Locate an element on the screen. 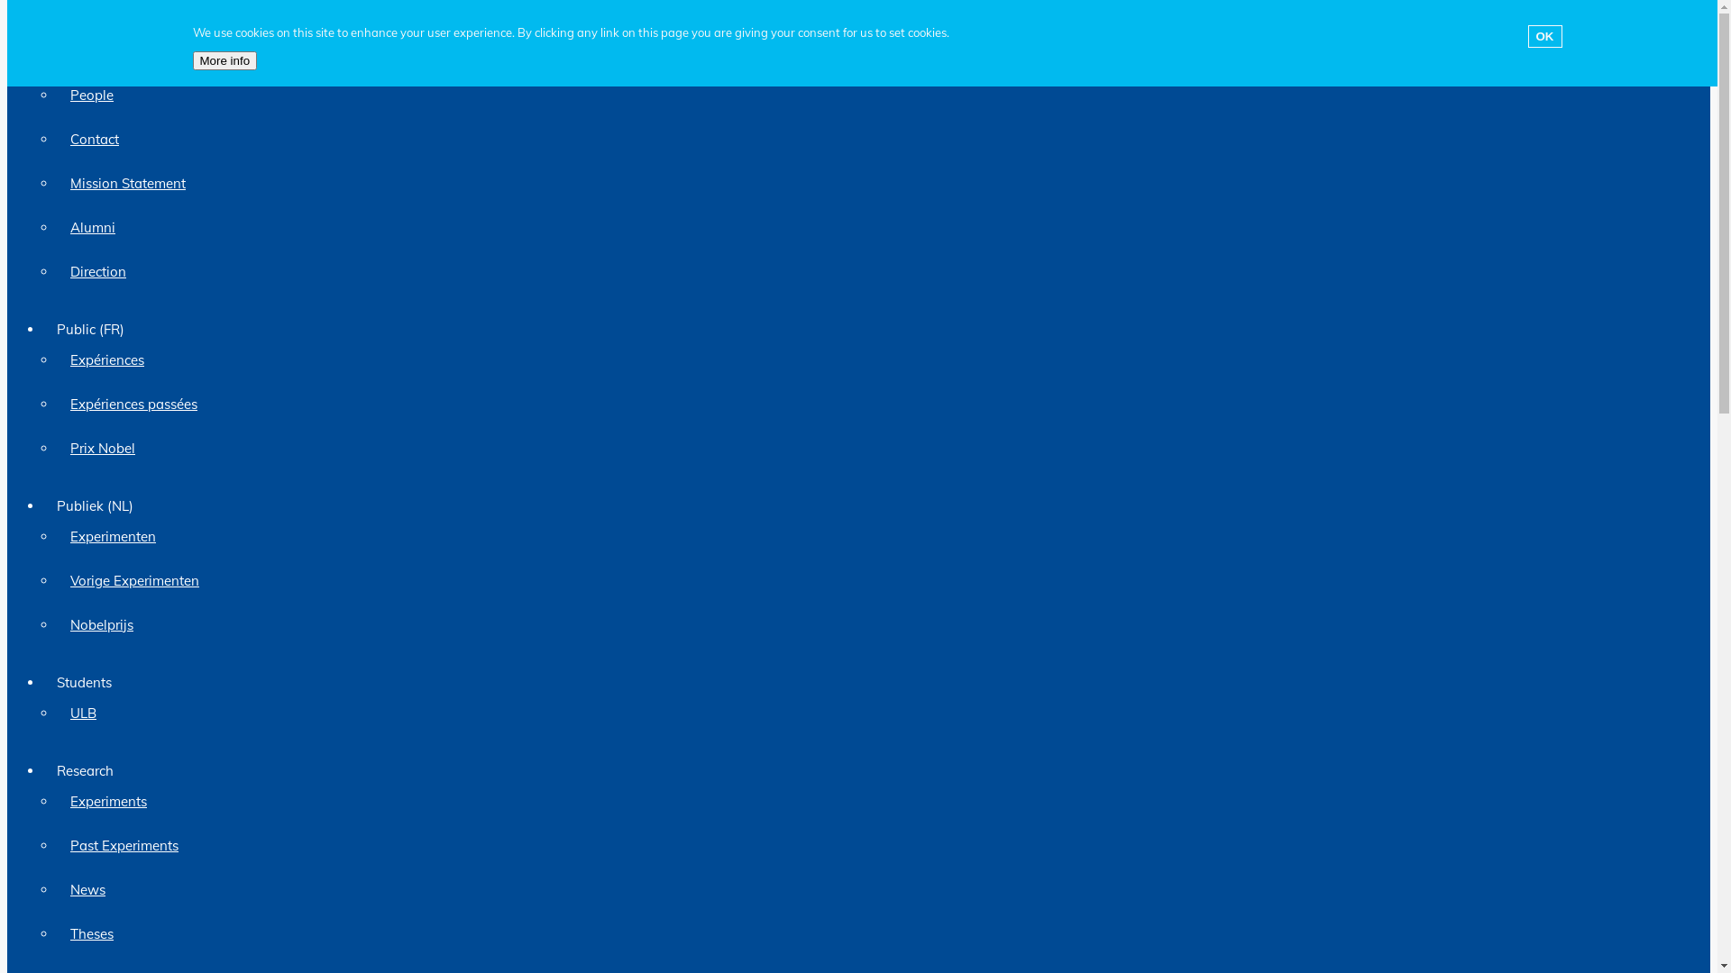  'OK' is located at coordinates (1543, 36).